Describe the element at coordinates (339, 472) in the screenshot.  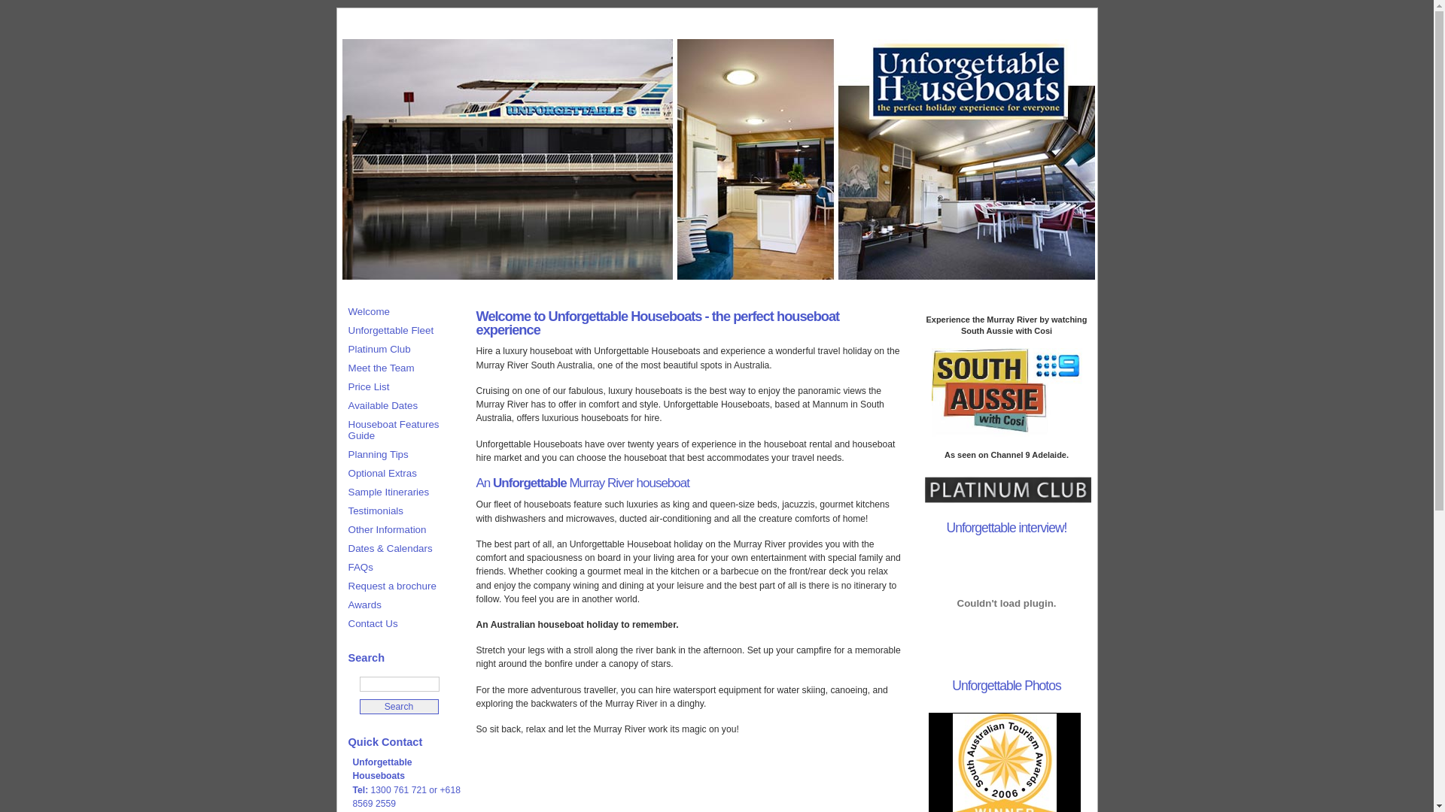
I see `'Optional Extras'` at that location.